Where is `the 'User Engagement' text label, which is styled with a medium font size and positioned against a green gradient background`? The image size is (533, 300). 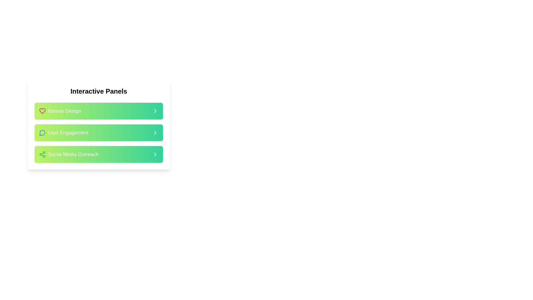 the 'User Engagement' text label, which is styled with a medium font size and positioned against a green gradient background is located at coordinates (68, 133).